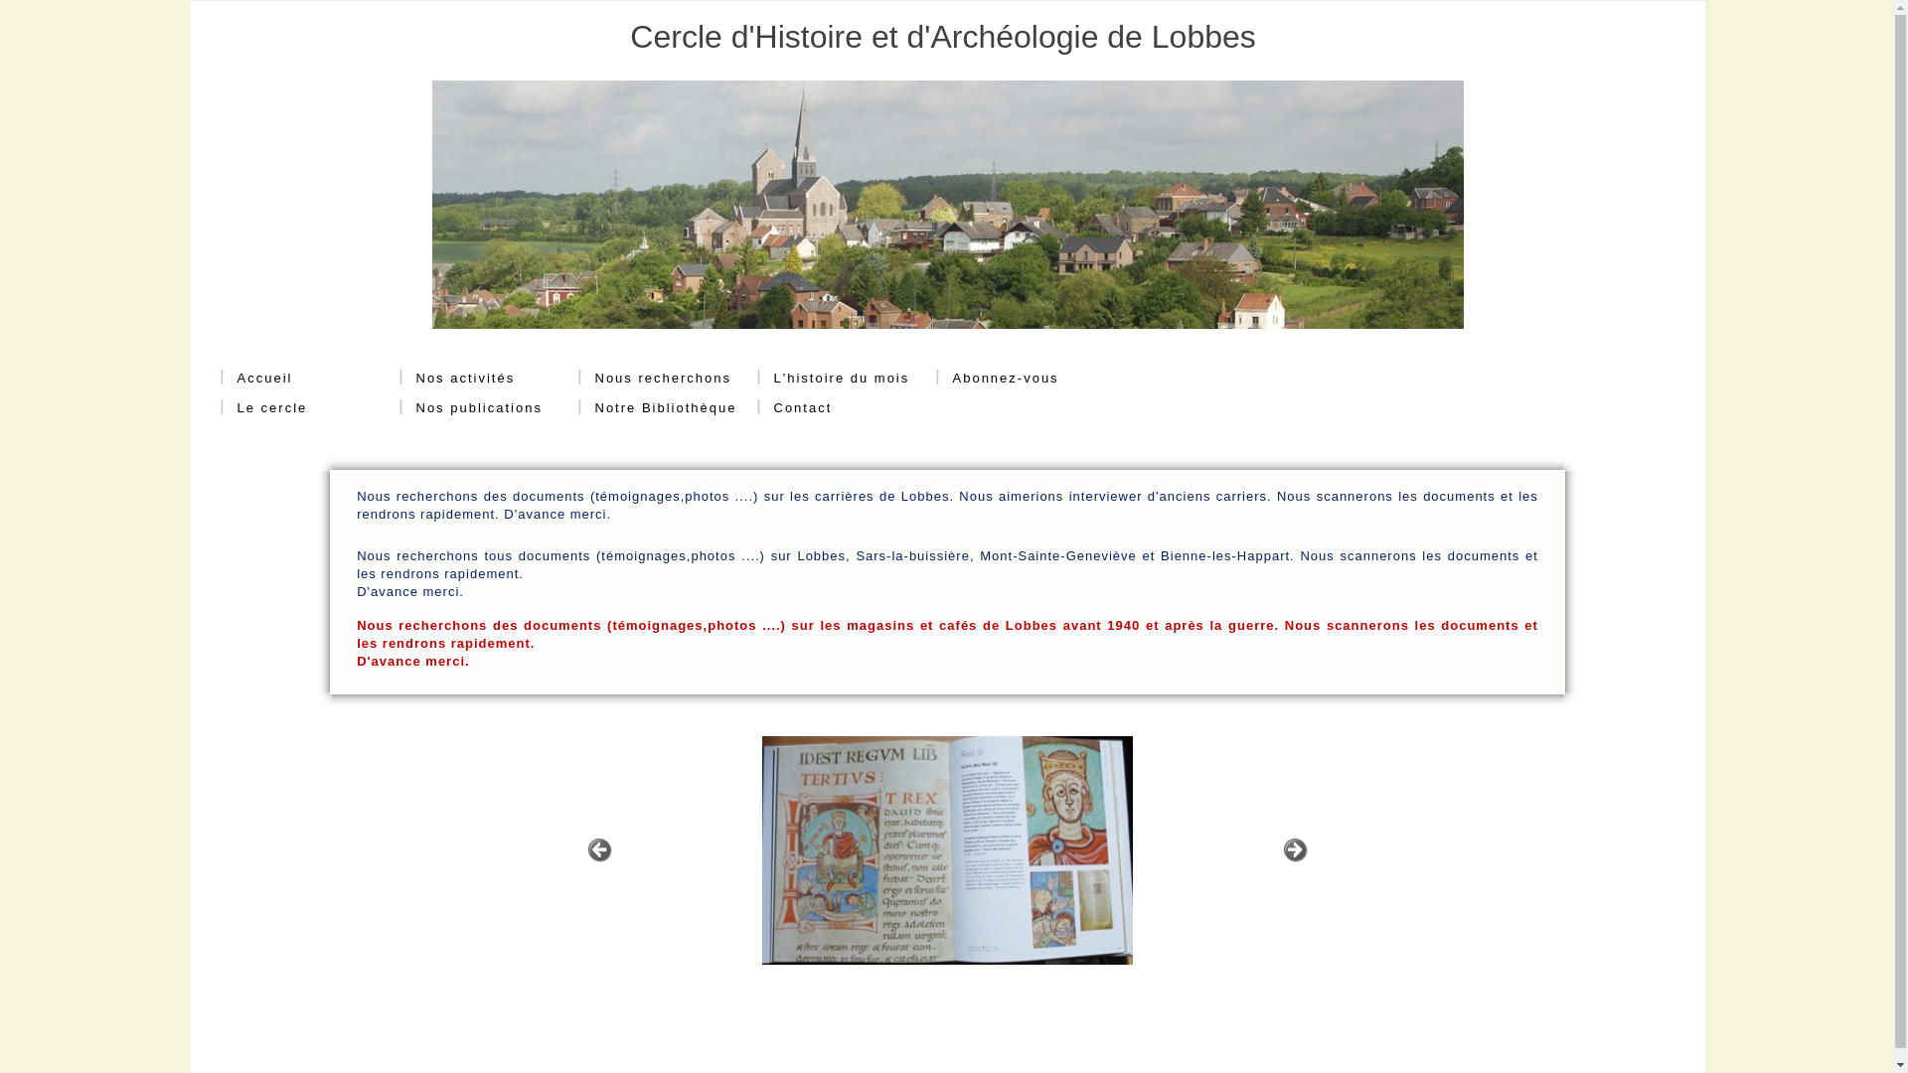 The height and width of the screenshot is (1073, 1908). What do you see at coordinates (997, 379) in the screenshot?
I see `'Abonnez-vous'` at bounding box center [997, 379].